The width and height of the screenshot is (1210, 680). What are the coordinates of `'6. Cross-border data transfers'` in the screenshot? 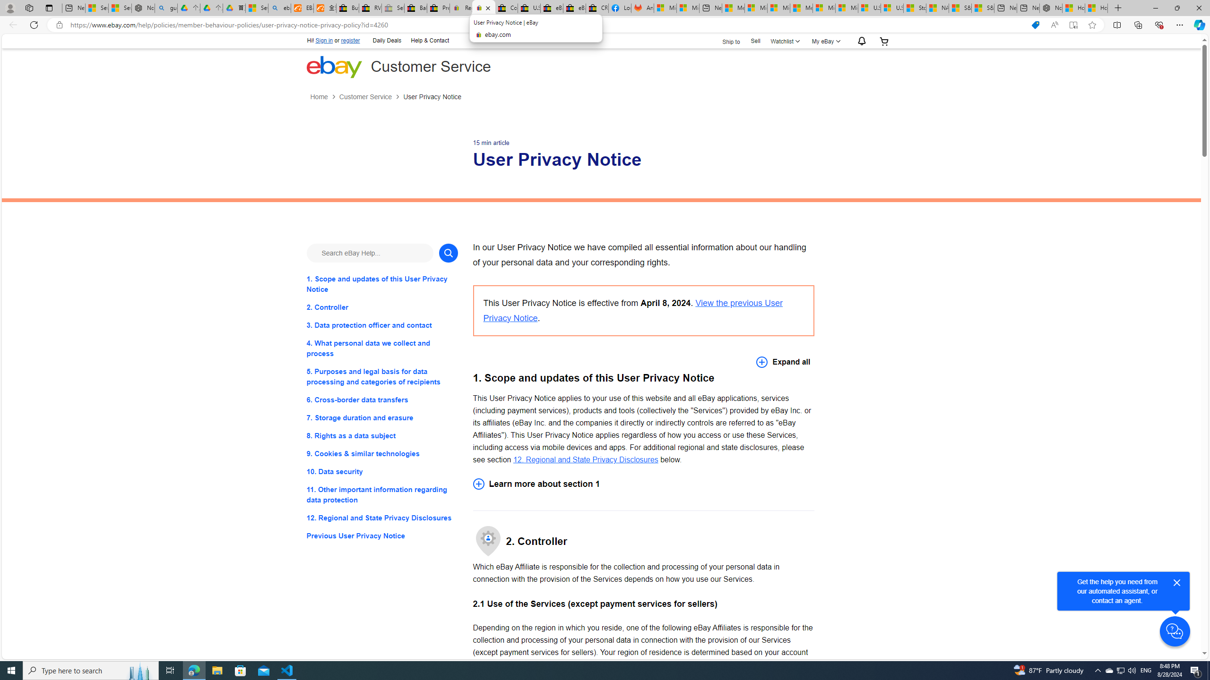 It's located at (381, 399).